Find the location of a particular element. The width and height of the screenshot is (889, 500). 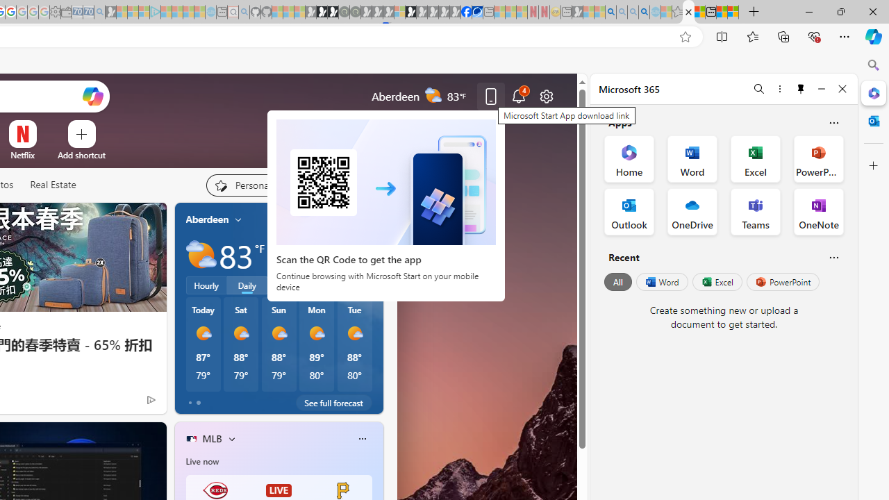

'All' is located at coordinates (617, 281).